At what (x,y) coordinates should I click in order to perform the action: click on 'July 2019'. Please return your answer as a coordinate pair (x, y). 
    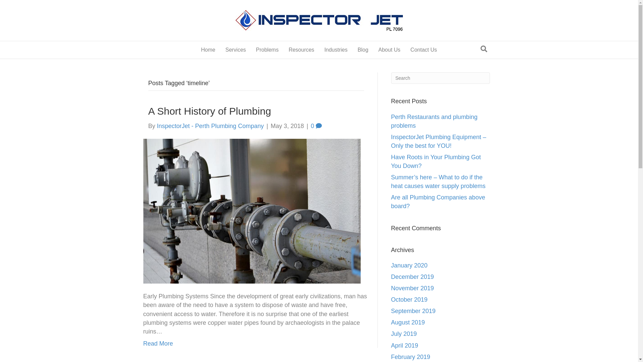
    Looking at the image, I should click on (404, 334).